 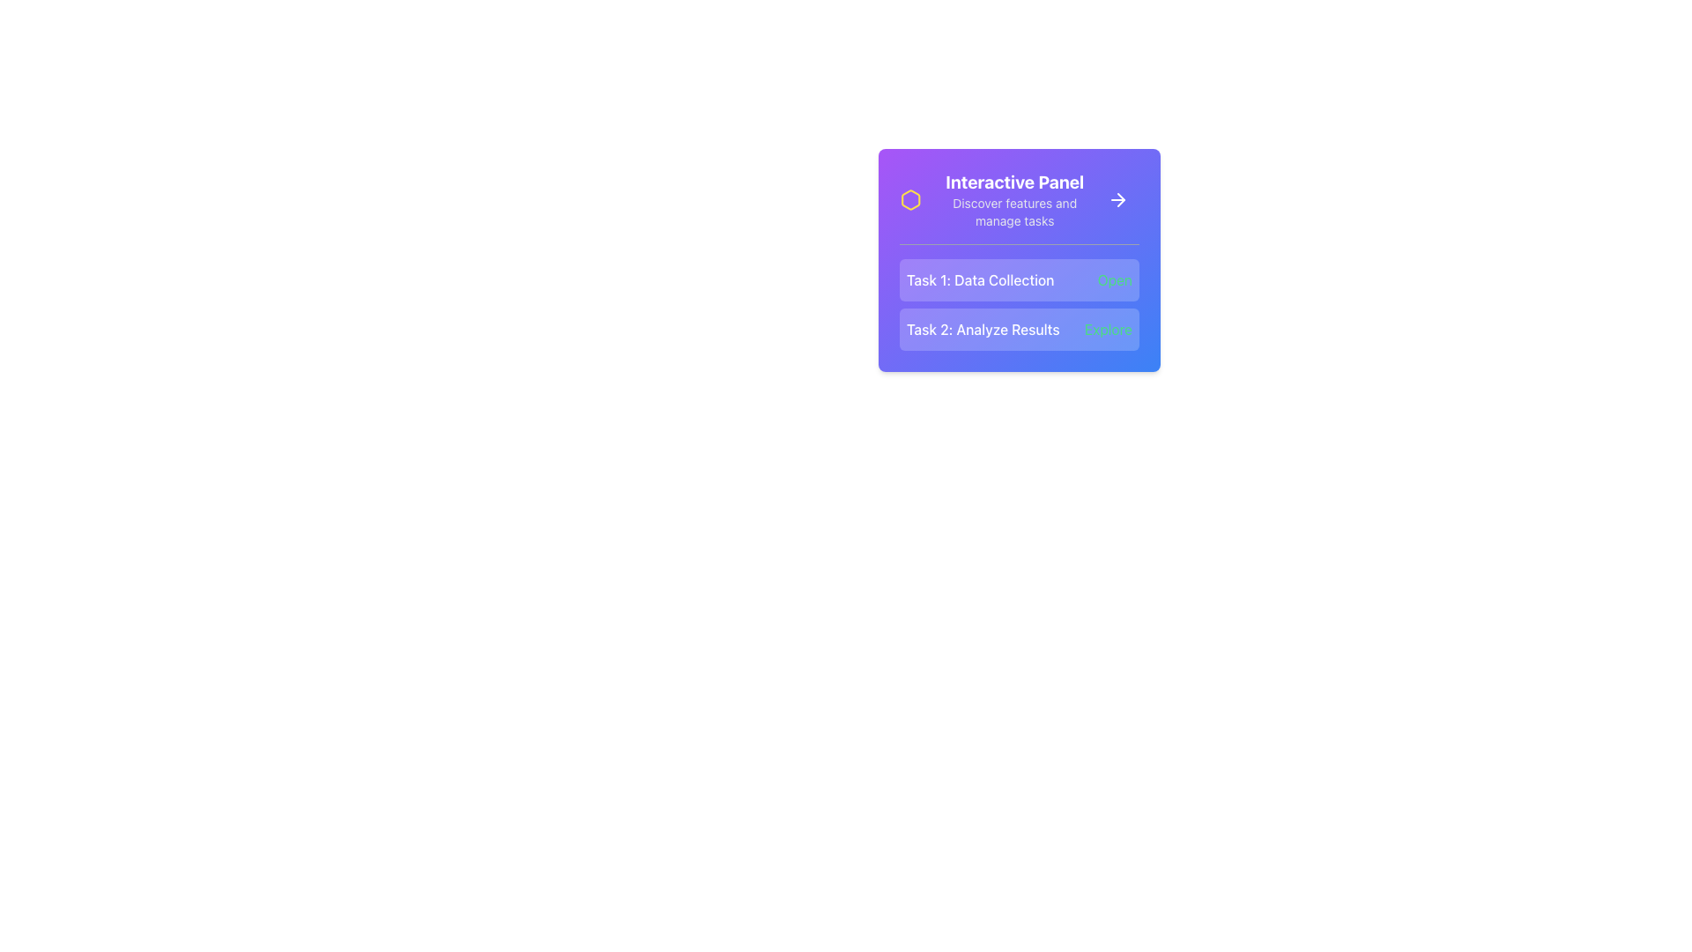 I want to click on the icon button located in the top-right corner of the interactive panel, adjacent to the text 'Interactive Panel', which serves as a navigation button, so click(x=1117, y=199).